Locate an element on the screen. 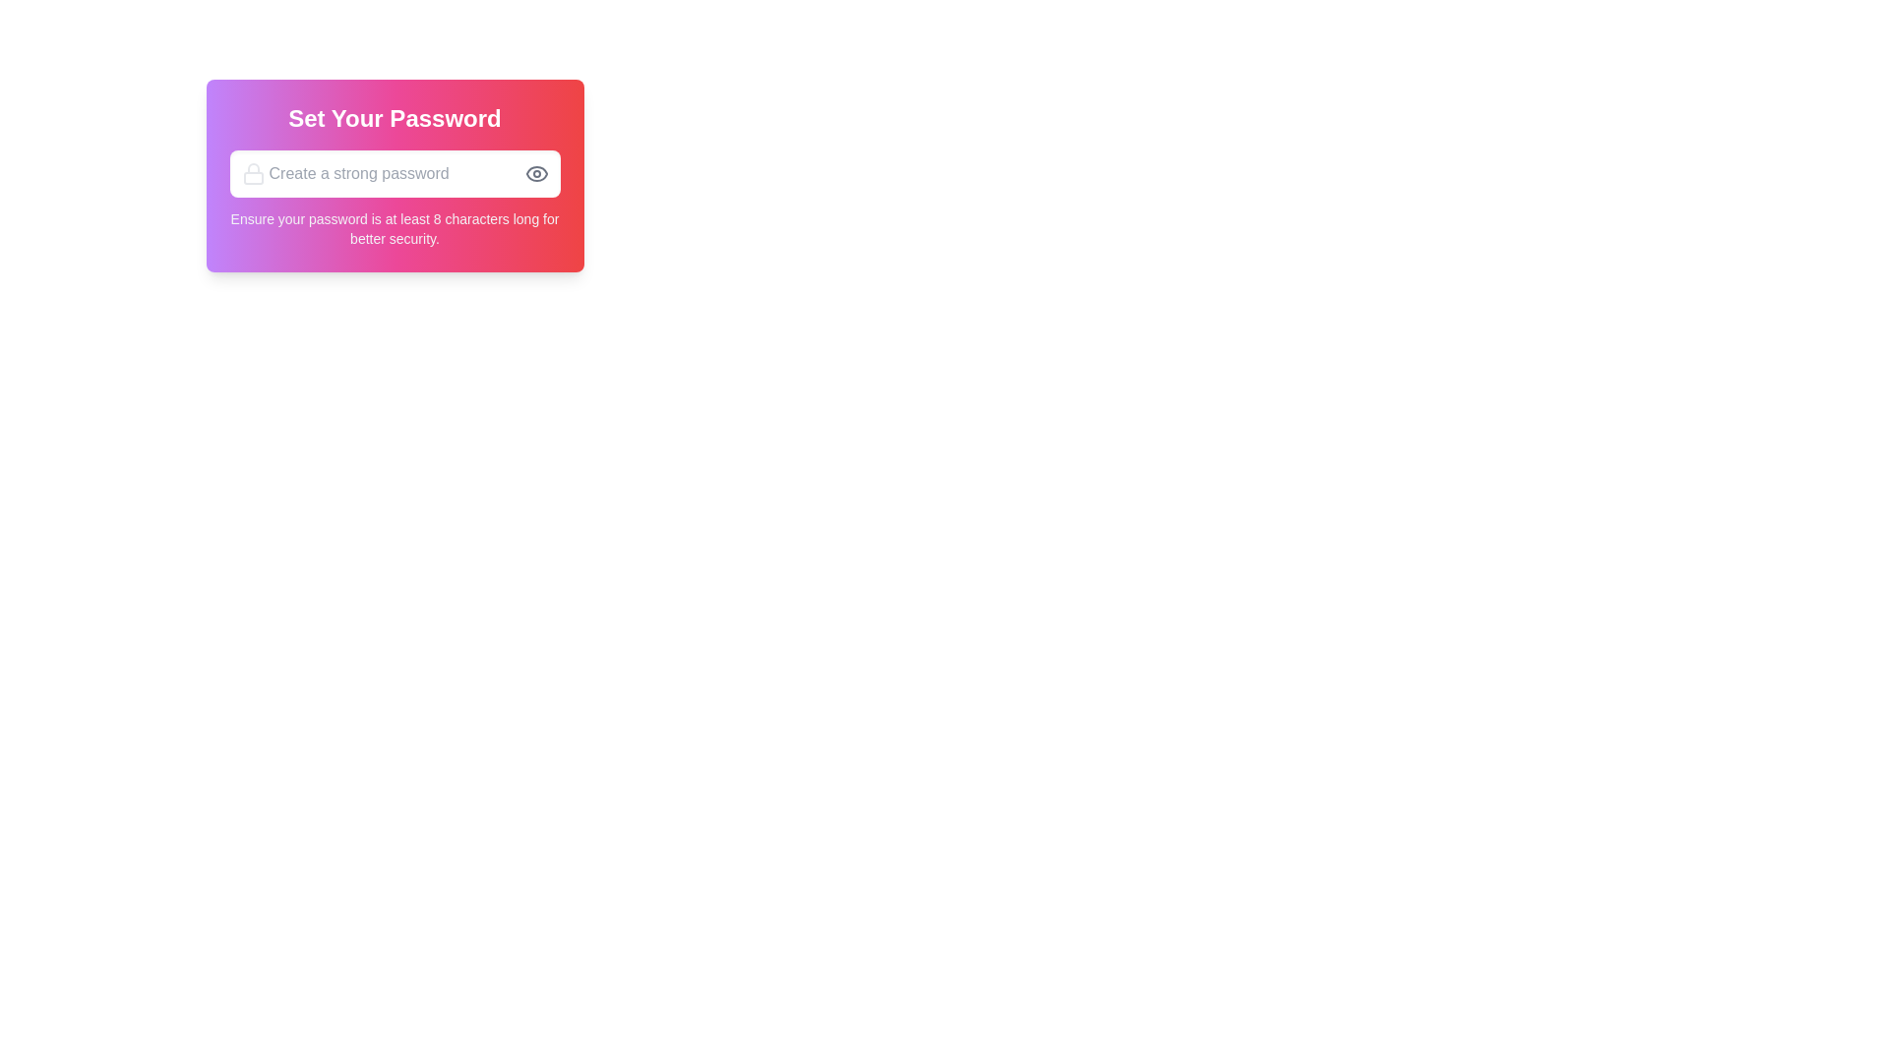  the button positioned at the right edge of the password input field is located at coordinates (542, 173).